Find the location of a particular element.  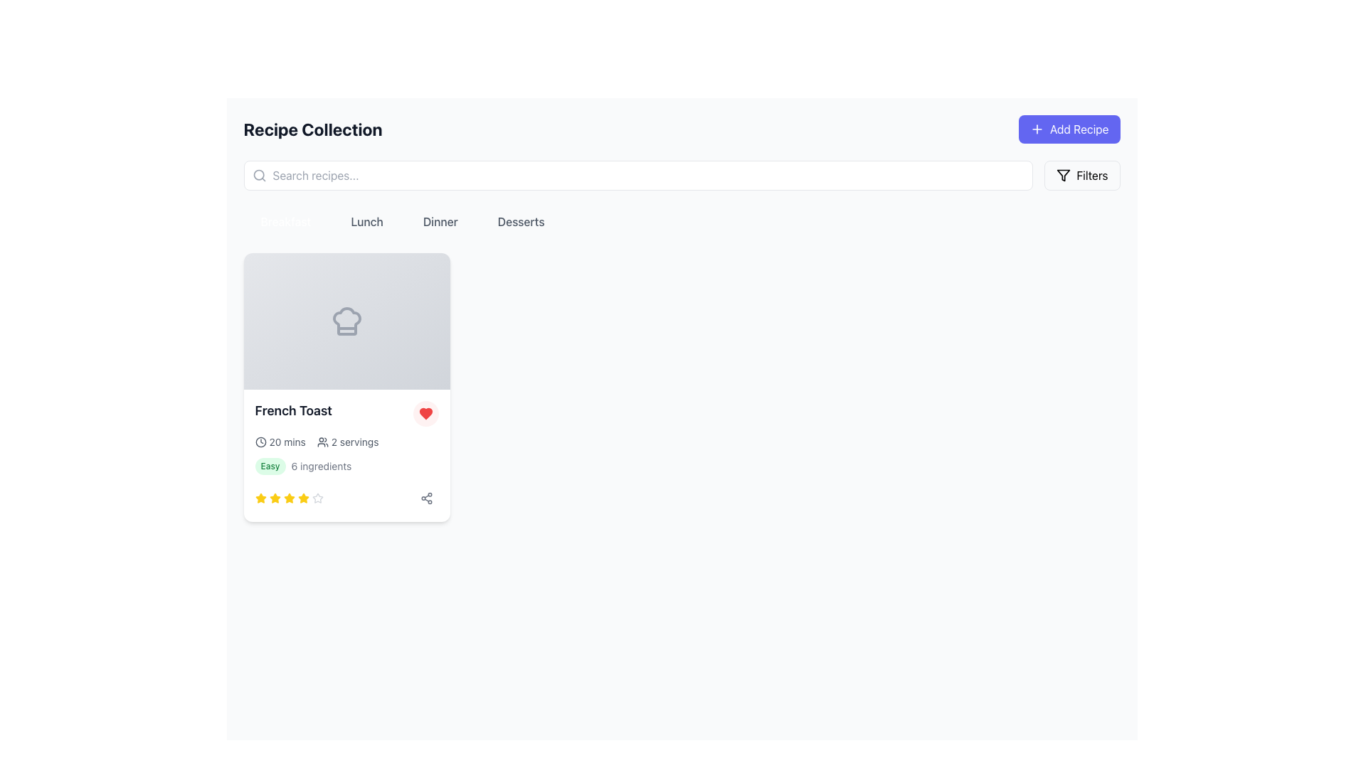

the static text label that conveys the preparation time for a recipe, located next to a clock icon within a card in the main content area is located at coordinates (287, 441).